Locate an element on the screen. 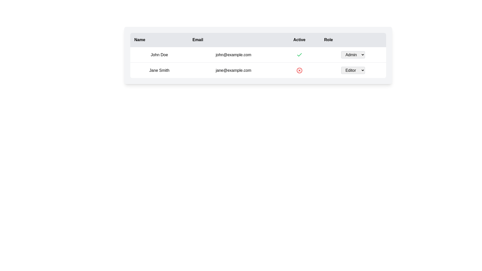  the green check icon in the 'Active' column of the user management table, which is located in the third cell of the first row, indicating an active state is located at coordinates (299, 55).